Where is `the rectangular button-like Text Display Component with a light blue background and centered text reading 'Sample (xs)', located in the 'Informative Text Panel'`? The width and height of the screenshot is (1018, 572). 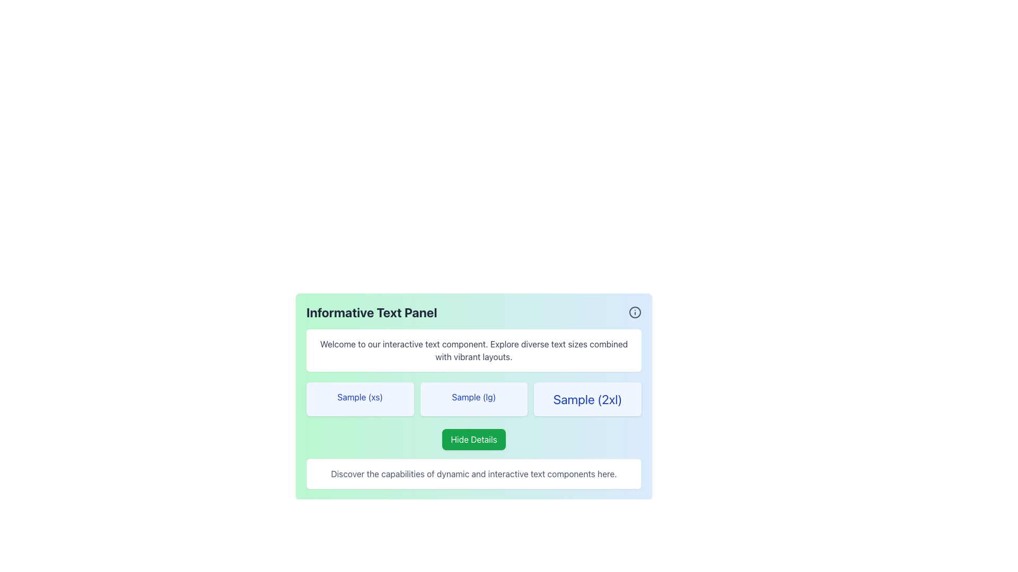 the rectangular button-like Text Display Component with a light blue background and centered text reading 'Sample (xs)', located in the 'Informative Text Panel' is located at coordinates (360, 399).